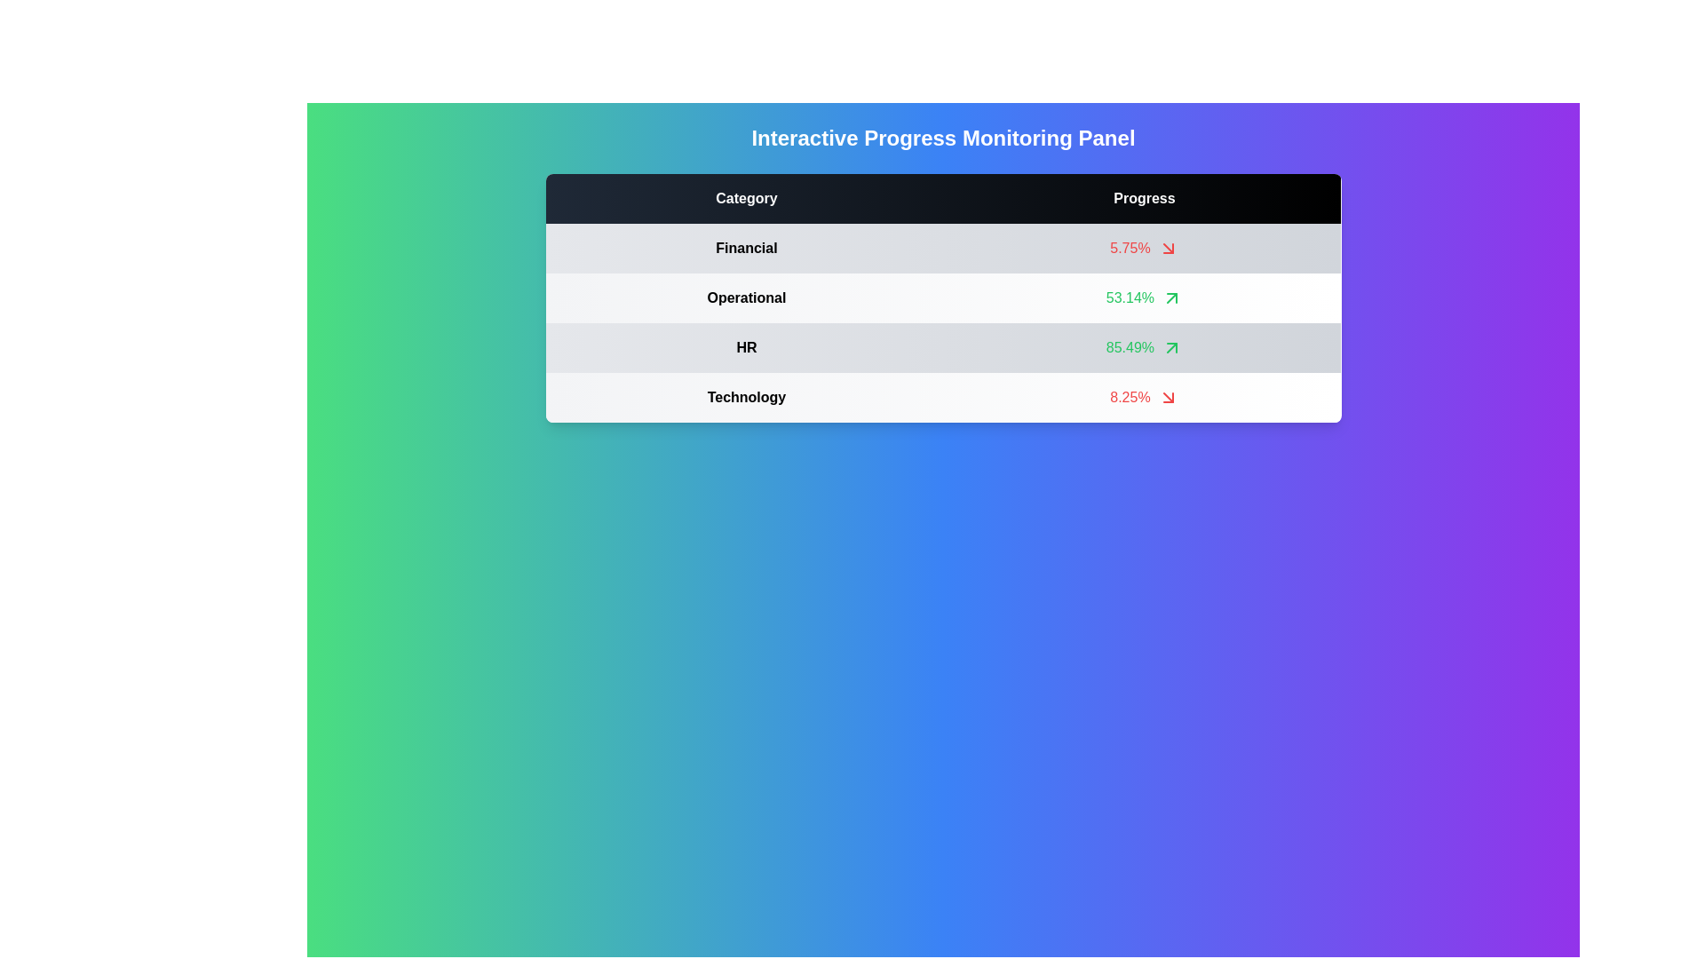  I want to click on the arrow indicator next to the progress value for the category Operational, so click(1172, 297).